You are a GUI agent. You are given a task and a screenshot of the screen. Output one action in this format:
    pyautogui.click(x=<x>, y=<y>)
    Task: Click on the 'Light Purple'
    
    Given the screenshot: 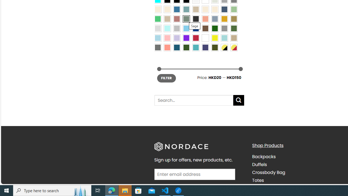 What is the action you would take?
    pyautogui.click(x=177, y=37)
    